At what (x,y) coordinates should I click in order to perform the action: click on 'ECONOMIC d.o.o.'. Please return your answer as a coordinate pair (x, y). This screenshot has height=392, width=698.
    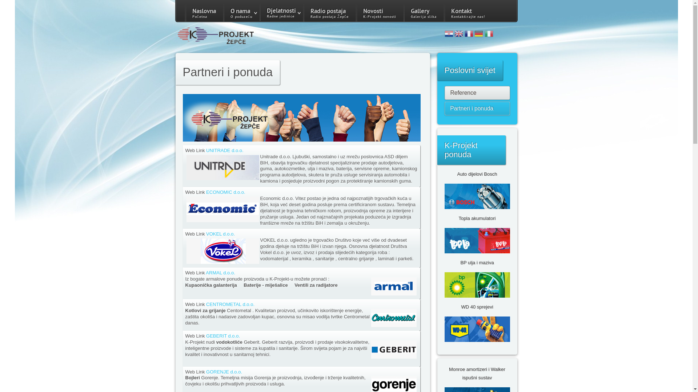
    Looking at the image, I should click on (225, 192).